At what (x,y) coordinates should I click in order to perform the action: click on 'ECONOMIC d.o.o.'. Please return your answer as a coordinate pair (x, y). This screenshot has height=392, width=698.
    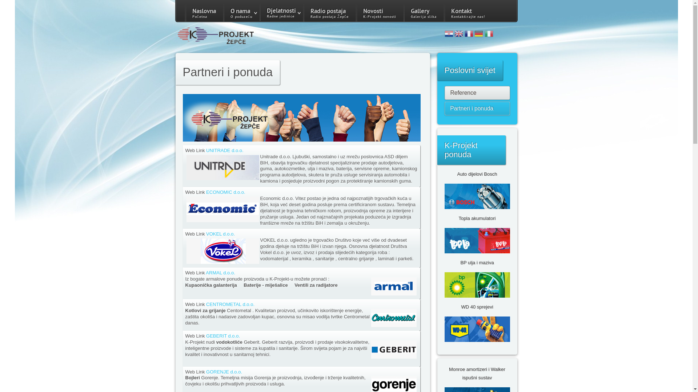
    Looking at the image, I should click on (225, 192).